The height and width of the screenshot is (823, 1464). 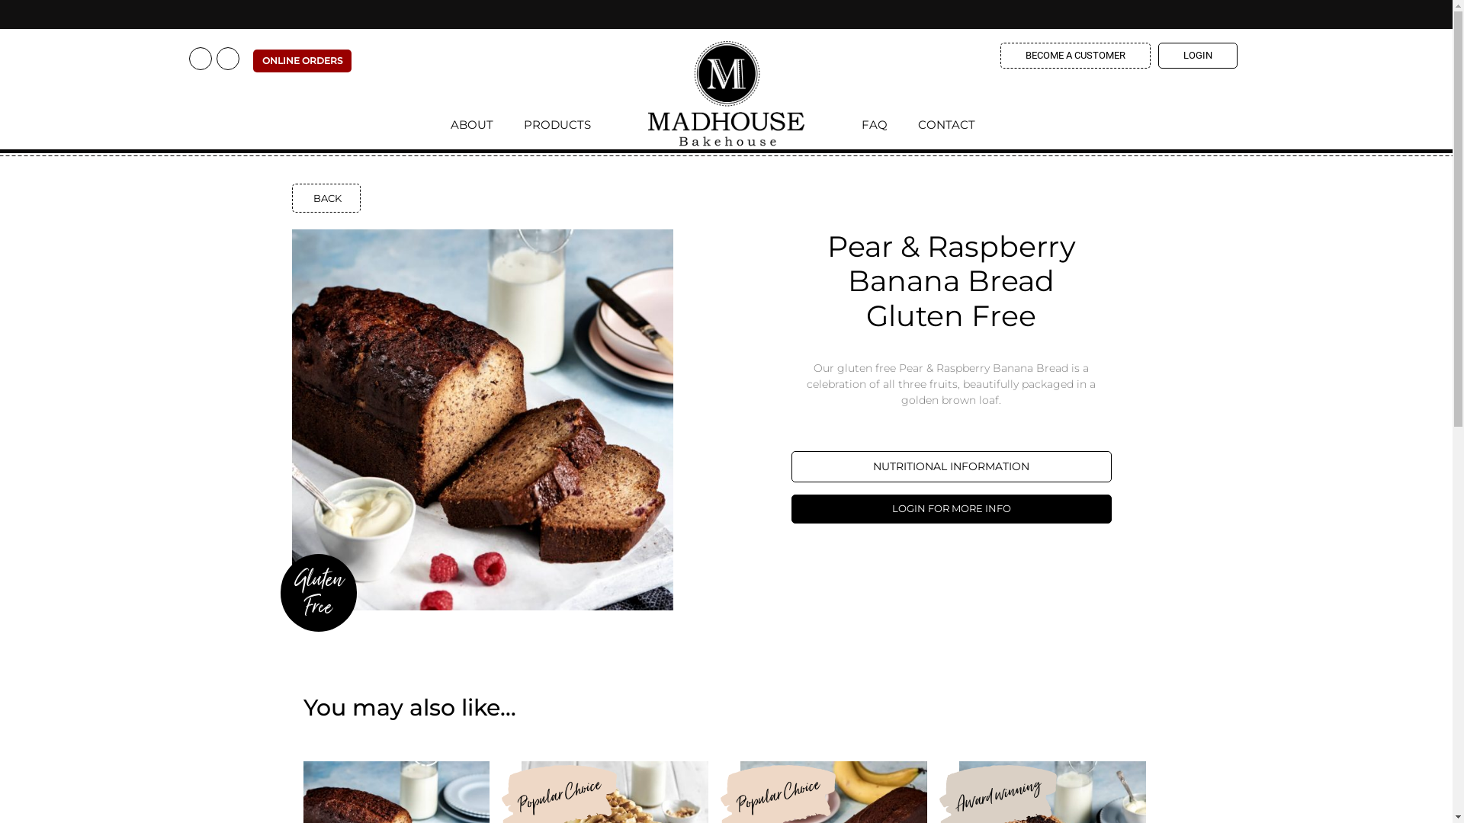 What do you see at coordinates (302, 59) in the screenshot?
I see `'ONLINE ORDERS'` at bounding box center [302, 59].